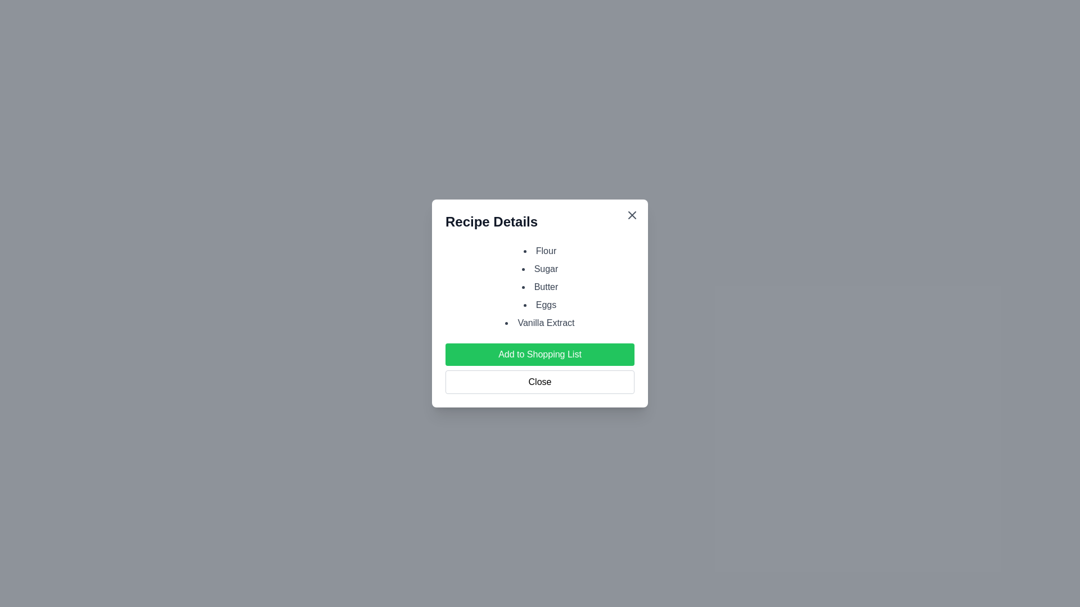  I want to click on the close button to close the dialog, so click(632, 215).